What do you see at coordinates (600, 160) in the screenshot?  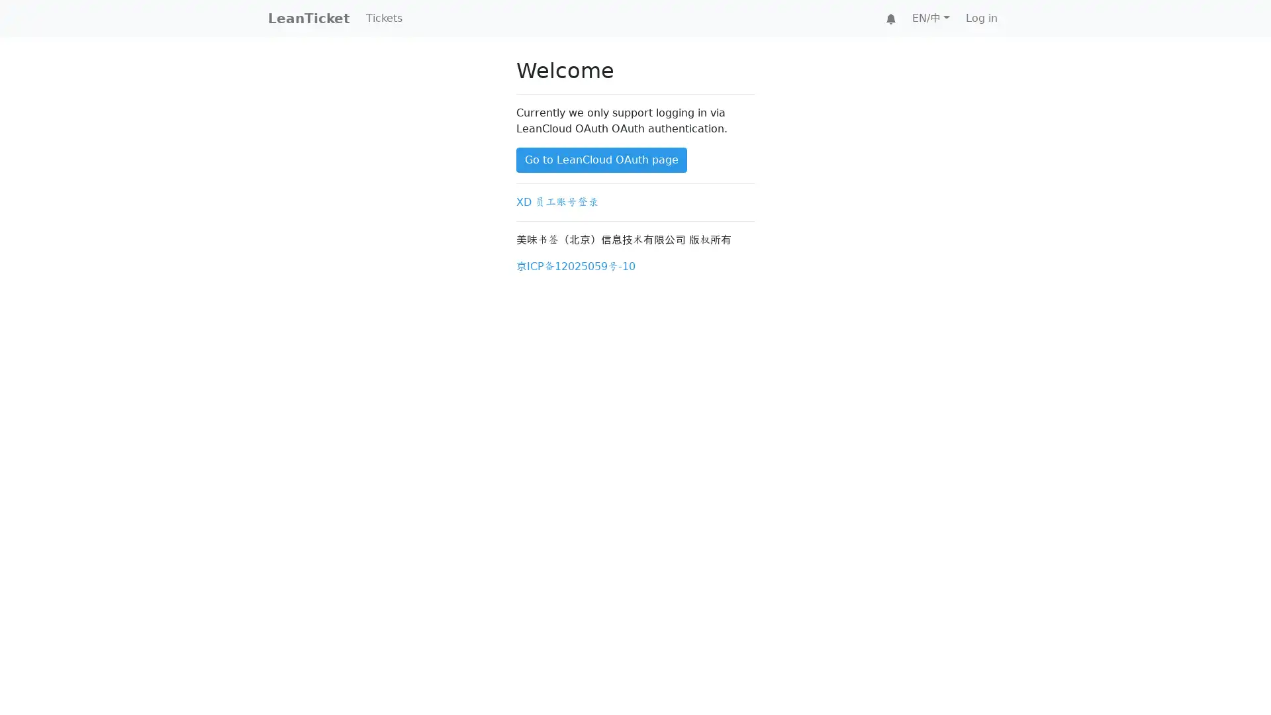 I see `Go to LeanCloud OAuth page` at bounding box center [600, 160].